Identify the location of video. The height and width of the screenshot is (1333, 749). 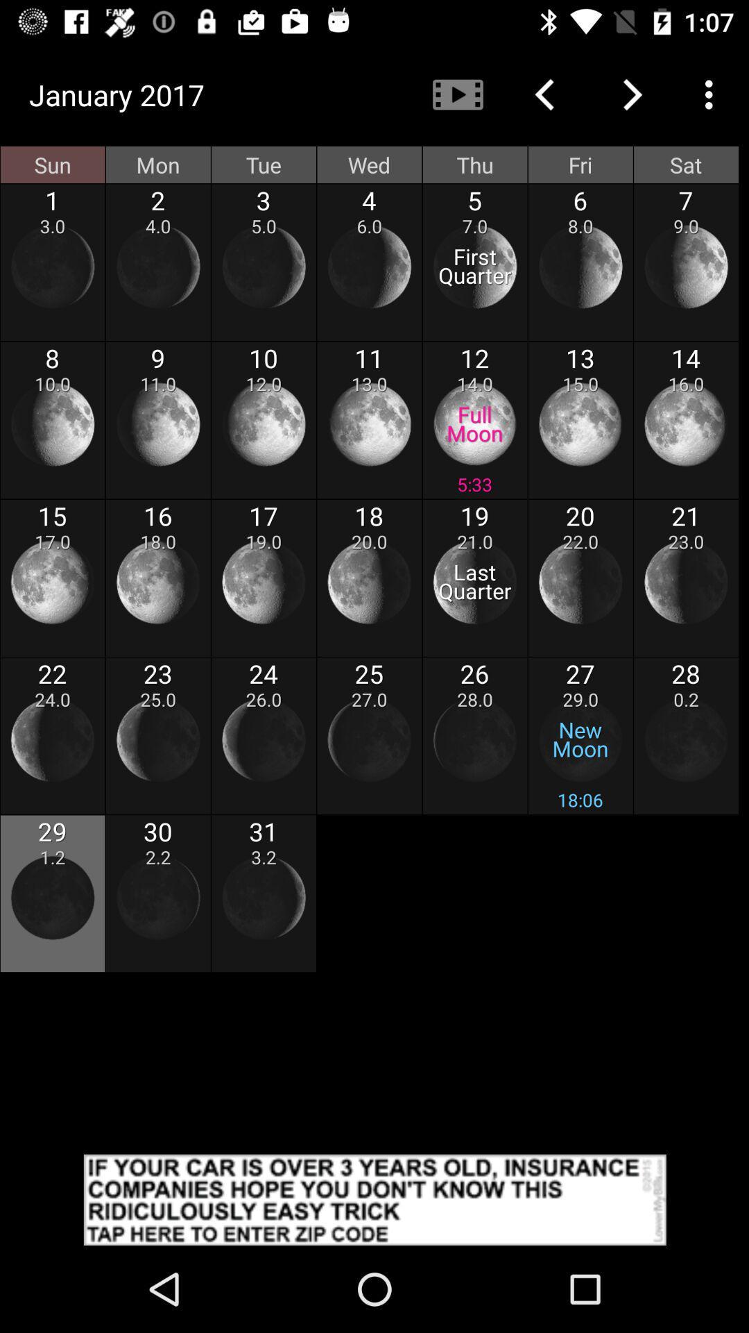
(457, 94).